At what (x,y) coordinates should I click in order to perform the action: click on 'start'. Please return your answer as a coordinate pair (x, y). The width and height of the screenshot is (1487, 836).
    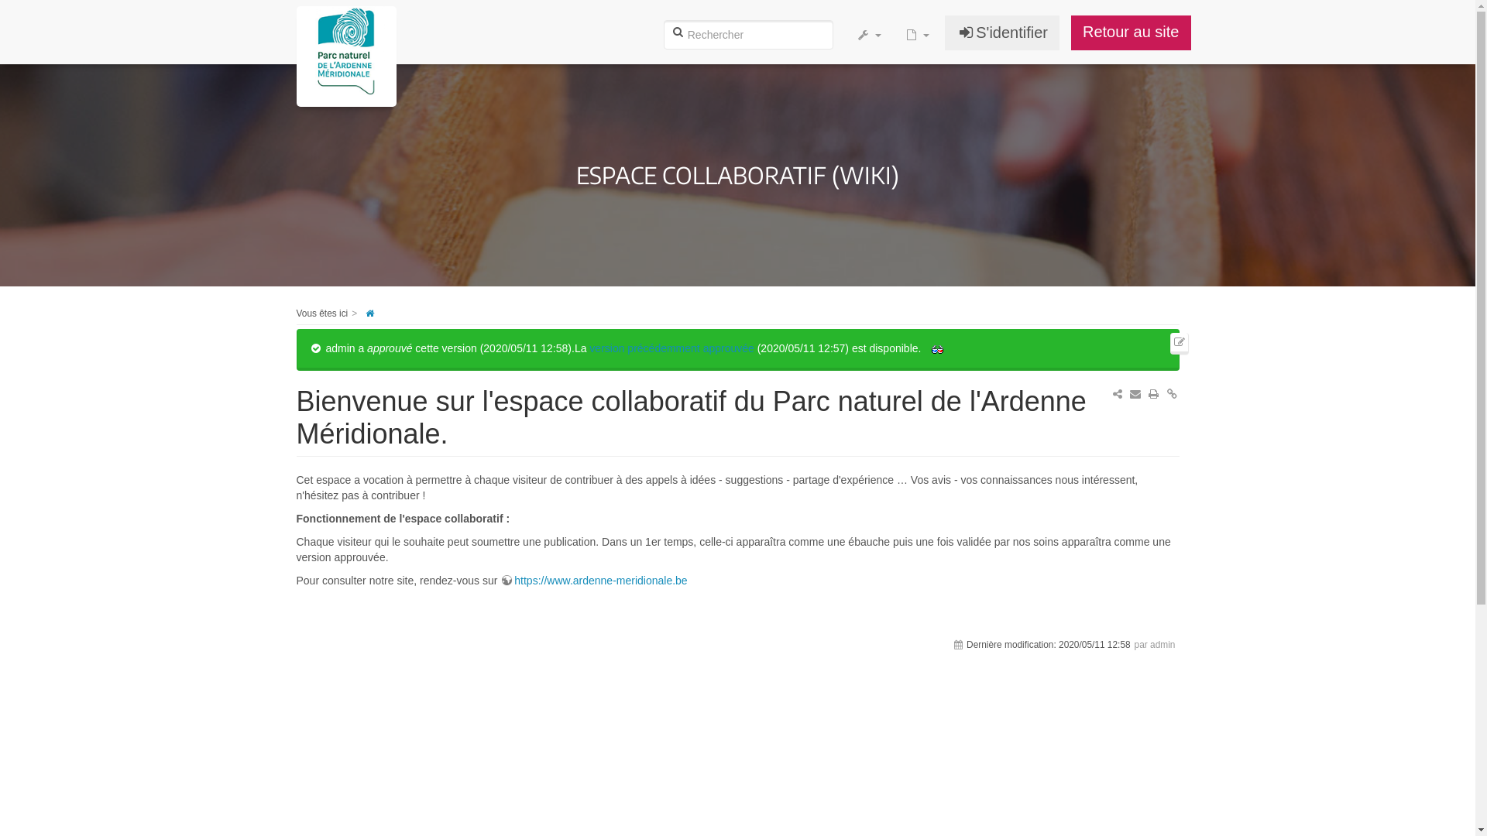
    Looking at the image, I should click on (369, 313).